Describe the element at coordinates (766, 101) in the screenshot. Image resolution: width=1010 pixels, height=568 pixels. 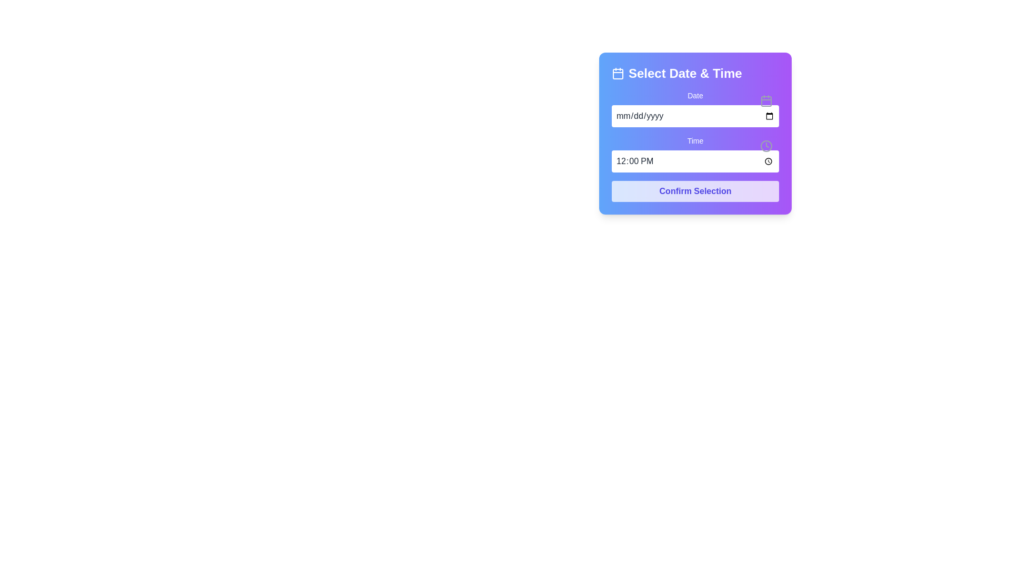
I see `the main body of the calendar icon, which serves as a visual cue for the nearby 'Date' input box functionality` at that location.